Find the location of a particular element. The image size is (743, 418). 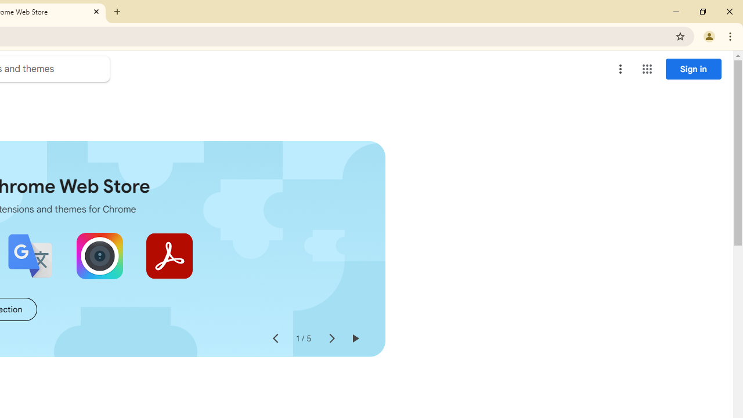

'More options menu' is located at coordinates (620, 69).